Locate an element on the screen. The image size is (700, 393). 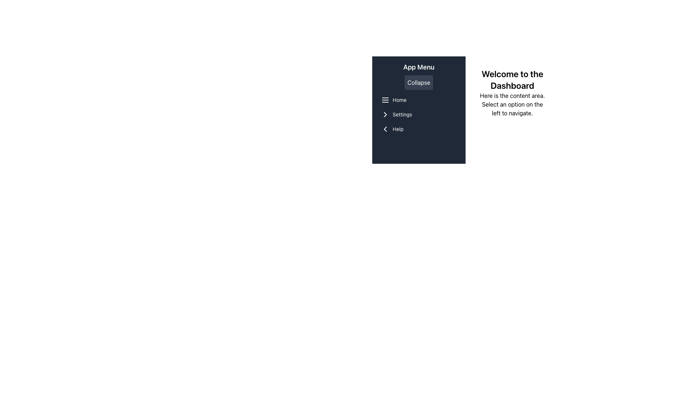
the Chevron Icon located to the left of the 'Settings' text in the navigation menu is located at coordinates (385, 115).